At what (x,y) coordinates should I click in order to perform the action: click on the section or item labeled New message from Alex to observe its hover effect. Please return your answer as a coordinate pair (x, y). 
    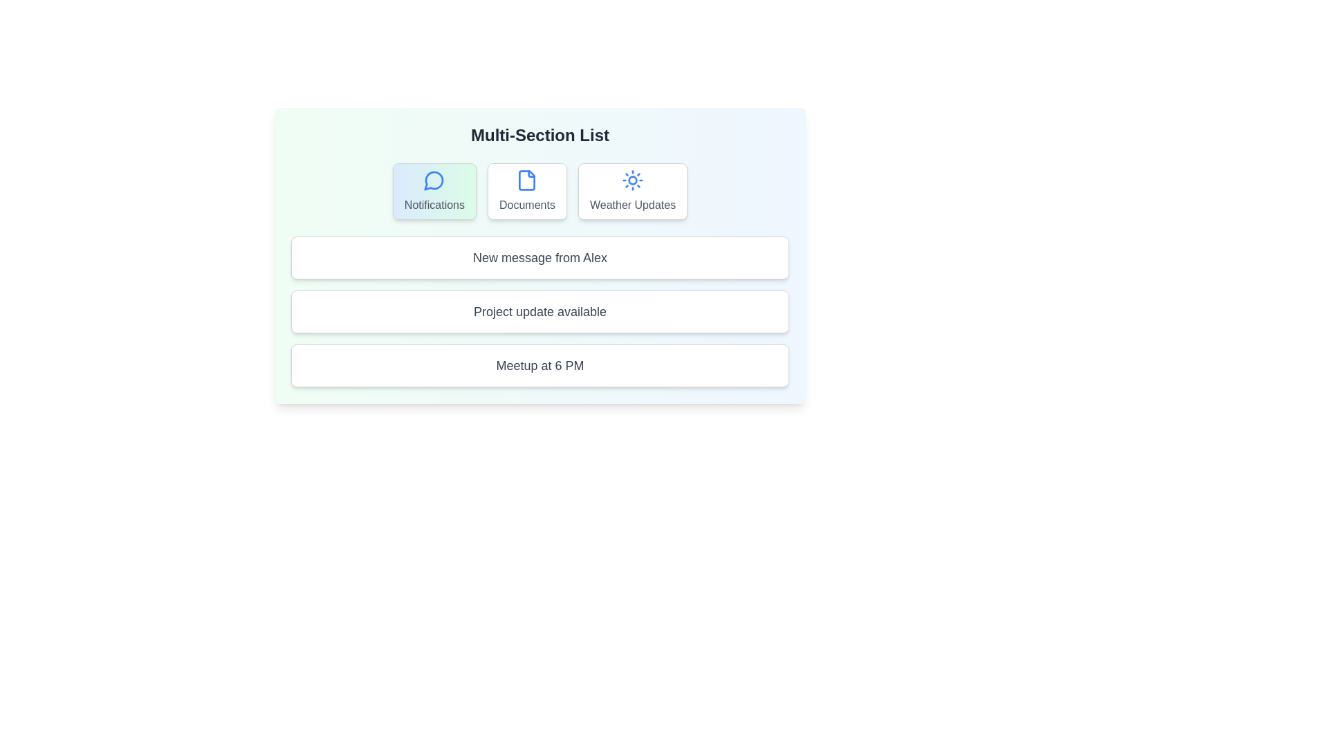
    Looking at the image, I should click on (539, 258).